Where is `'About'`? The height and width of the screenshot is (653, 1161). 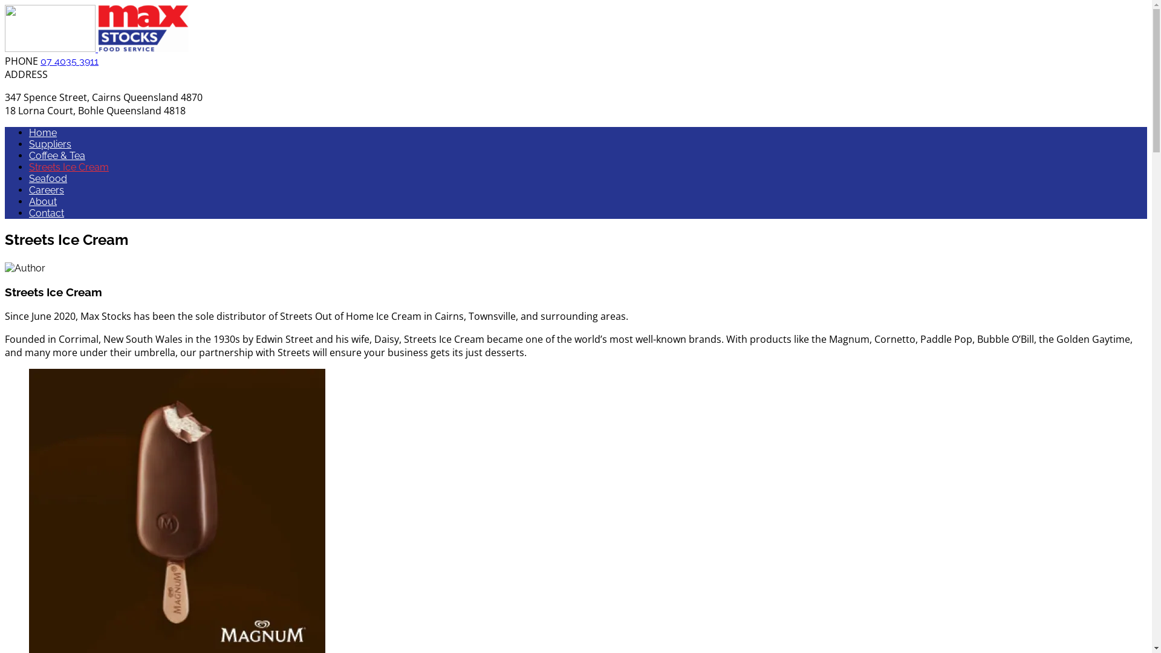 'About' is located at coordinates (43, 201).